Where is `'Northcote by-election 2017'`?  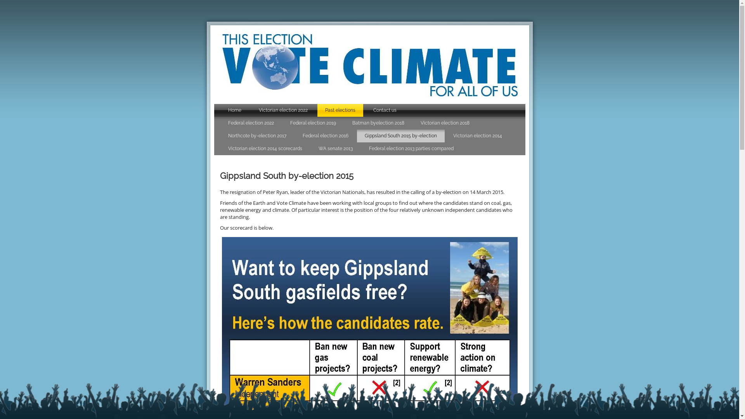 'Northcote by-election 2017' is located at coordinates (257, 135).